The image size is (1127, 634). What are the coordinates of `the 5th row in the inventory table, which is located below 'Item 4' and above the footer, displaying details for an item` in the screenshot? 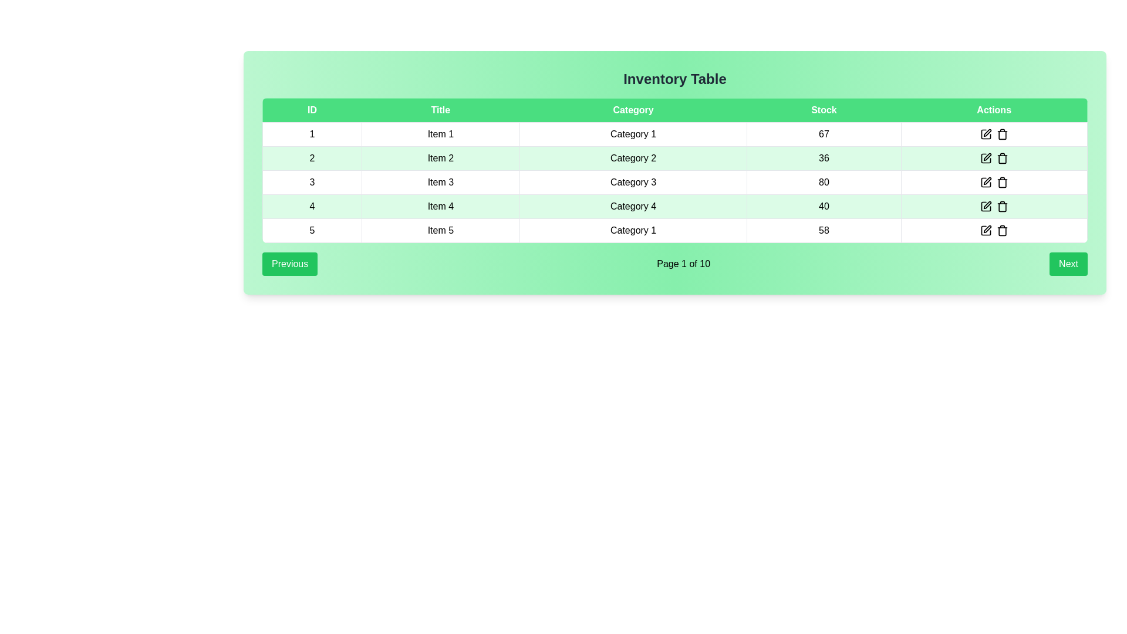 It's located at (675, 231).